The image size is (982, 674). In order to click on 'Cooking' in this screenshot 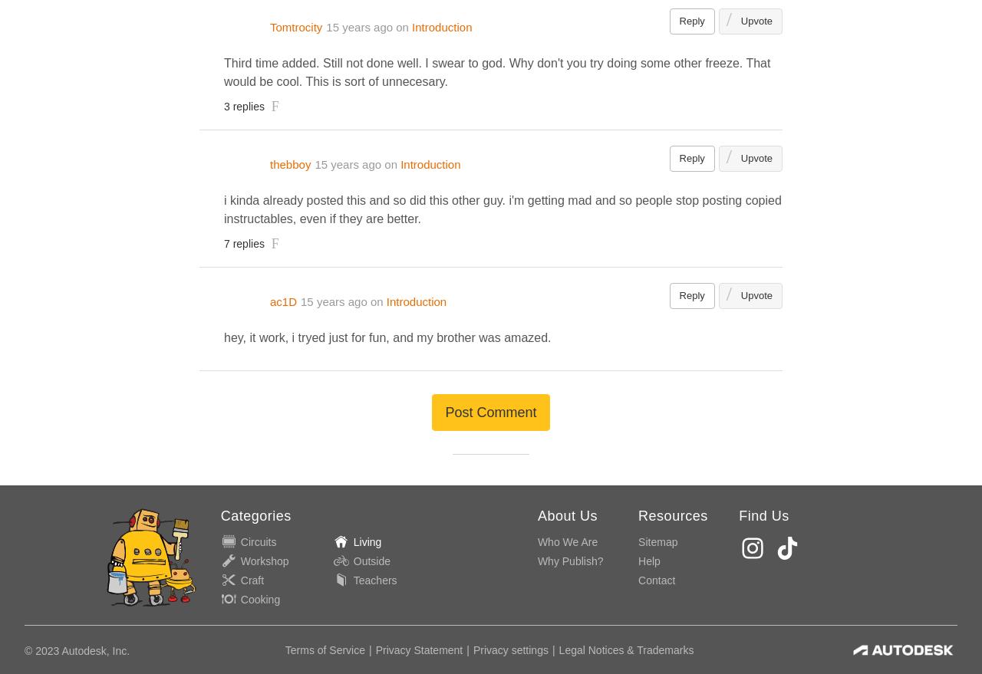, I will do `click(239, 599)`.